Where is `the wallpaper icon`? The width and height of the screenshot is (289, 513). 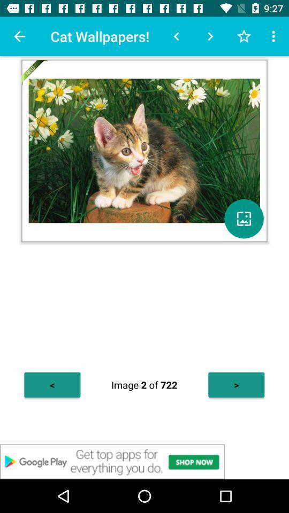 the wallpaper icon is located at coordinates (244, 218).